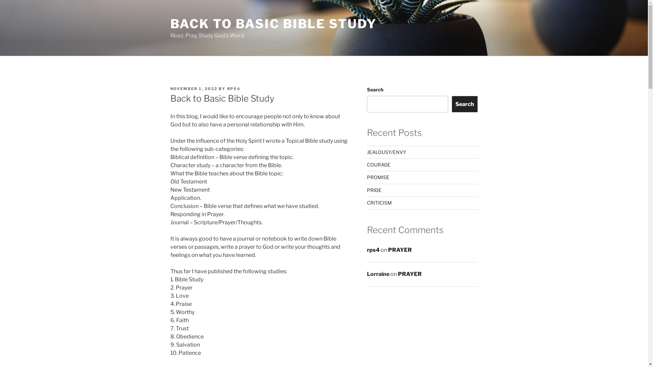 The image size is (653, 367). I want to click on 'PROMISE', so click(378, 177).